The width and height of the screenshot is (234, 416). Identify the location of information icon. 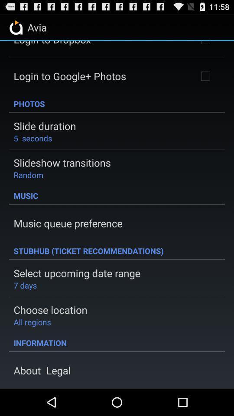
(117, 343).